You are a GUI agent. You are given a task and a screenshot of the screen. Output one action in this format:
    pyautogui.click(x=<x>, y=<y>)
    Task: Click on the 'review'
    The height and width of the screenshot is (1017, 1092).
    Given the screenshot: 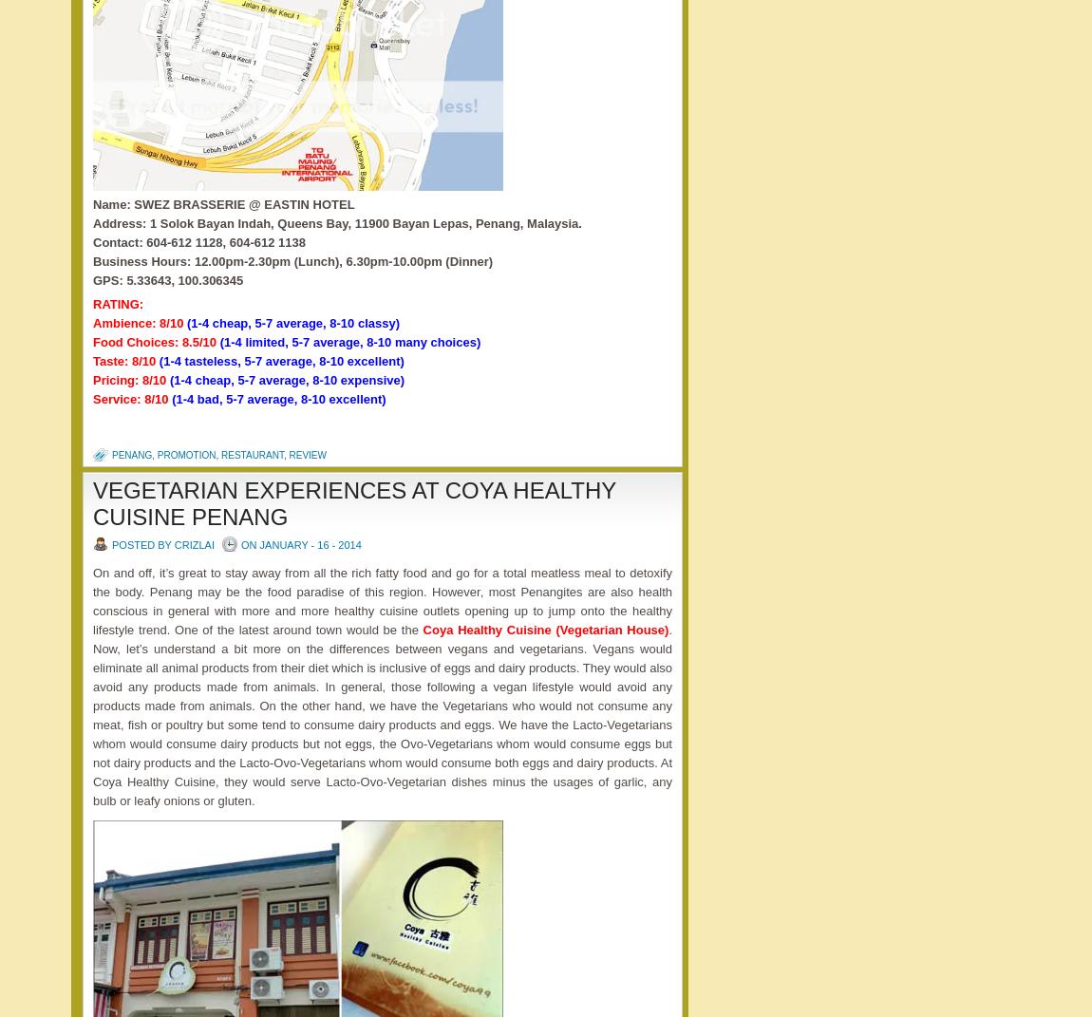 What is the action you would take?
    pyautogui.click(x=307, y=454)
    